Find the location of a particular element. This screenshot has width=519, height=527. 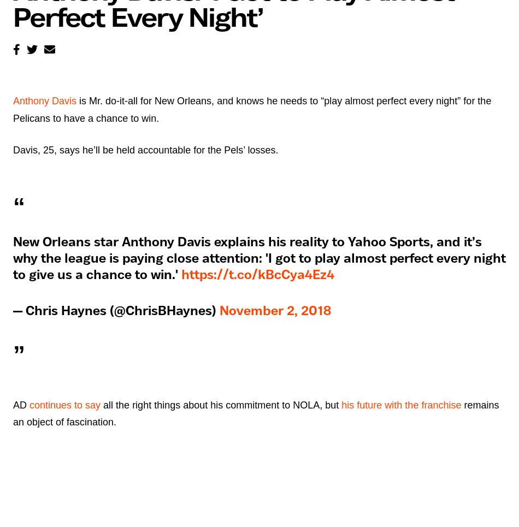

'remains an object of fascination.' is located at coordinates (255, 413).